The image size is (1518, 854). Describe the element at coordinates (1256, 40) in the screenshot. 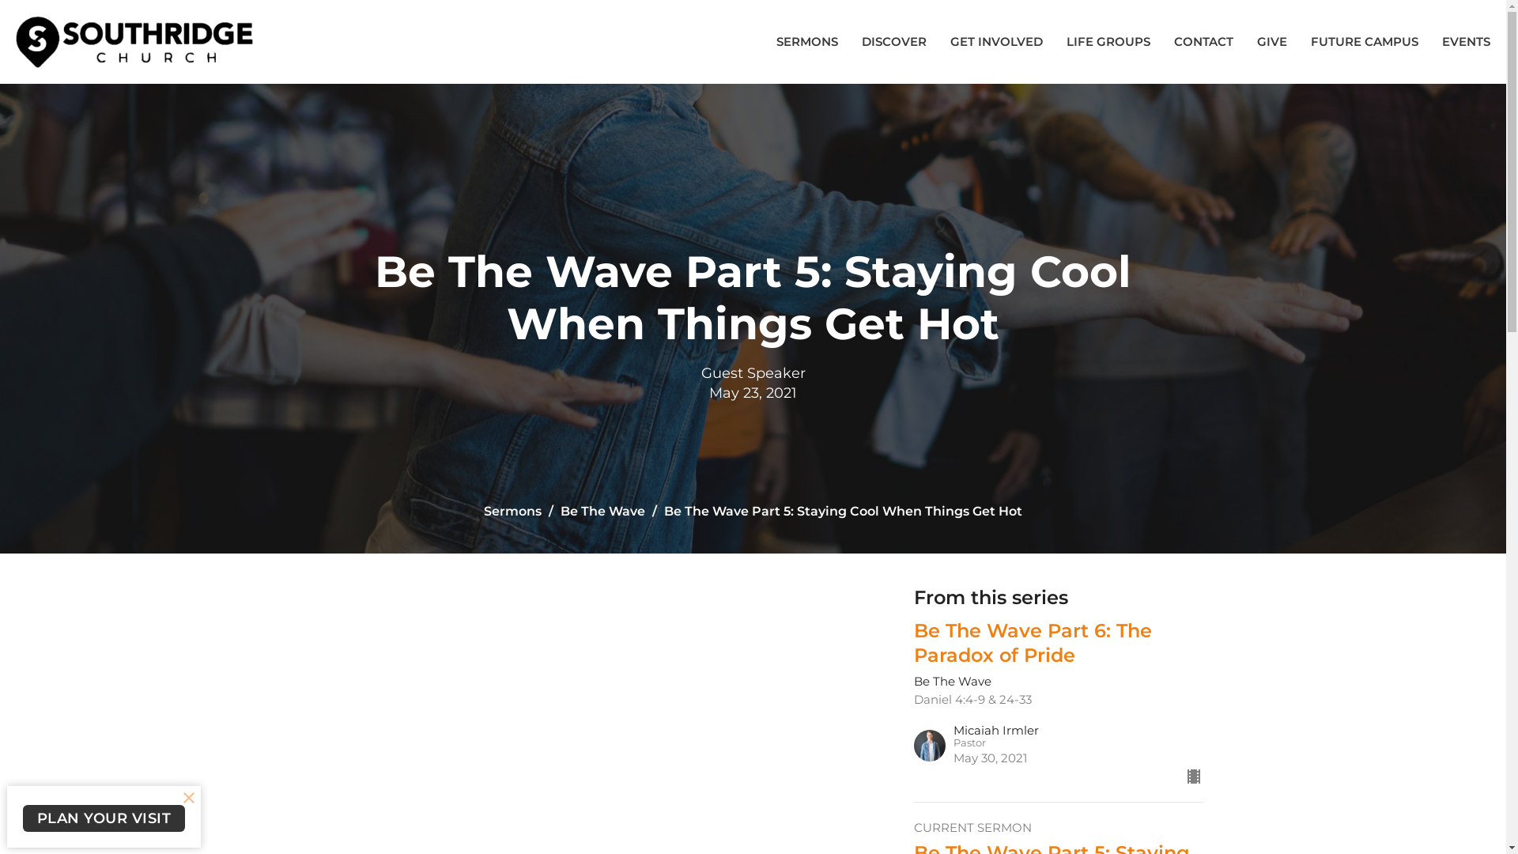

I see `'GIVE'` at that location.